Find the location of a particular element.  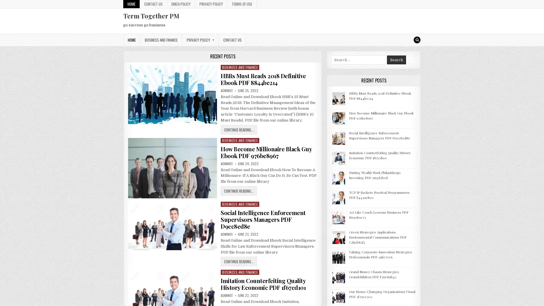

Search is located at coordinates (396, 60).